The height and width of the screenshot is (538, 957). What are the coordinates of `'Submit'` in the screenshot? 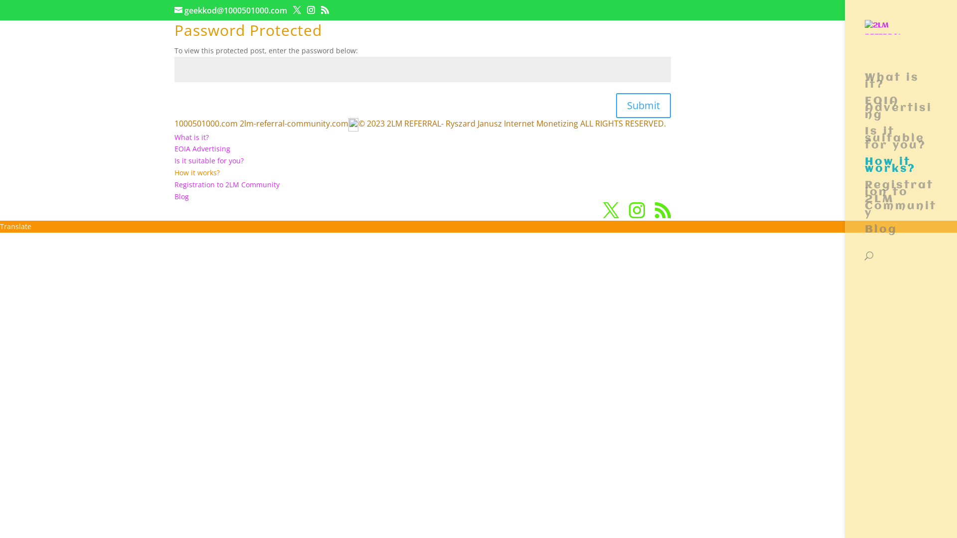 It's located at (643, 106).